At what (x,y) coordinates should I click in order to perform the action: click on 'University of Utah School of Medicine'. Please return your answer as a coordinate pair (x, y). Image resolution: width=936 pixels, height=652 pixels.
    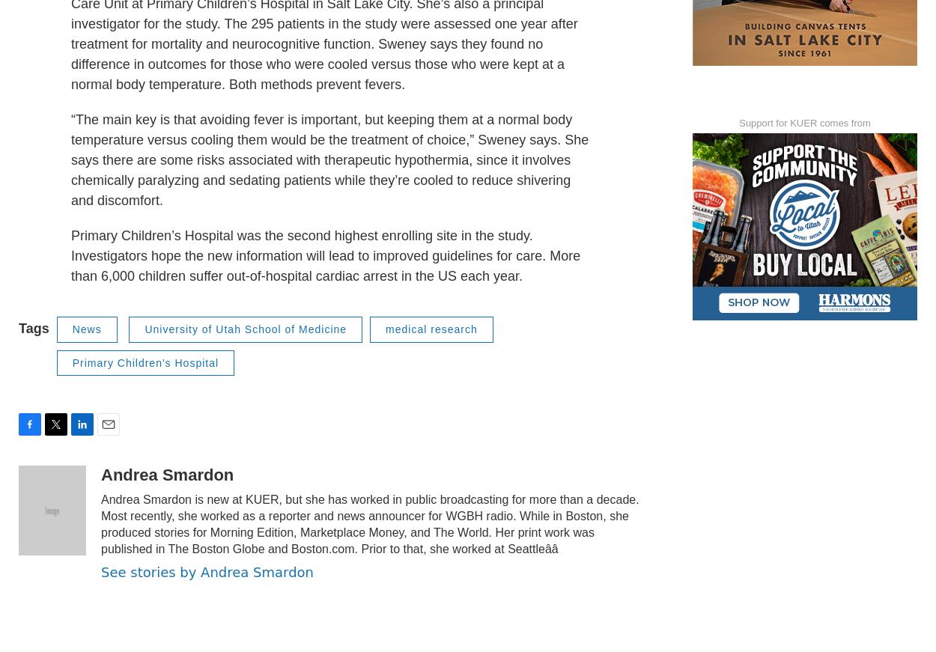
    Looking at the image, I should click on (245, 361).